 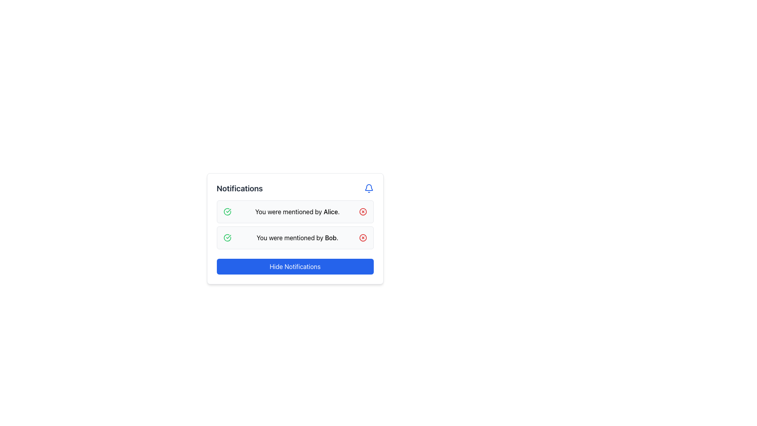 What do you see at coordinates (331, 211) in the screenshot?
I see `the text label displaying the name 'Alice' inside the notification message 'You were mentioned by Alice'` at bounding box center [331, 211].